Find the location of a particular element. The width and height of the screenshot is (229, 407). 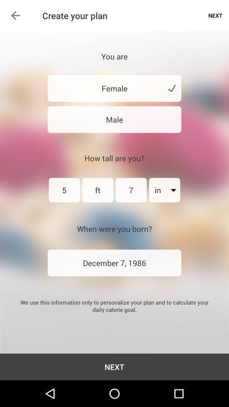

third box of how tall are you from left is located at coordinates (131, 190).